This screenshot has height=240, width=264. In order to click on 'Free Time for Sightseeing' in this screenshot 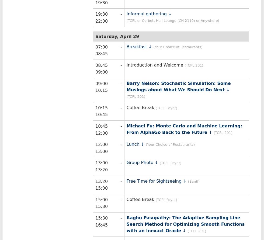, I will do `click(154, 180)`.